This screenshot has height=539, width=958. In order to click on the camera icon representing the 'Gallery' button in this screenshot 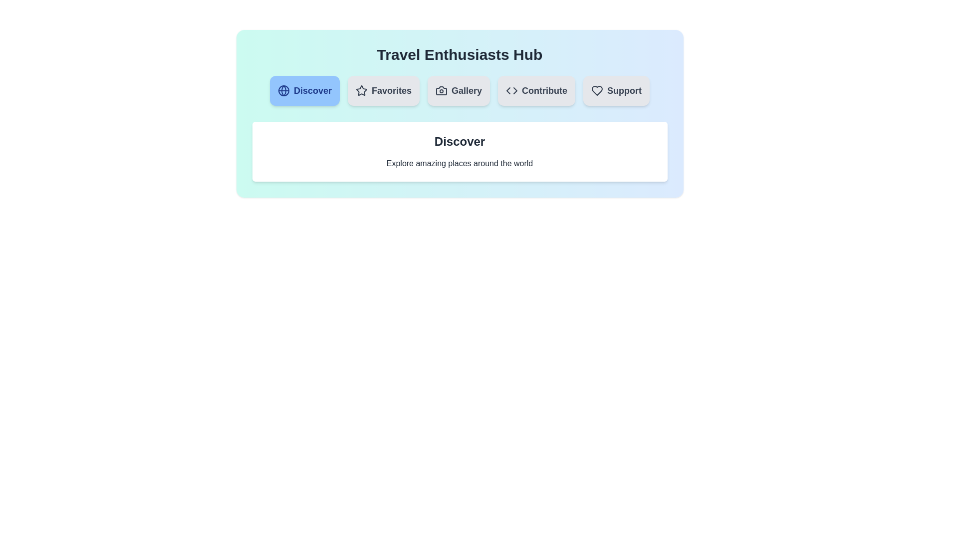, I will do `click(441, 90)`.